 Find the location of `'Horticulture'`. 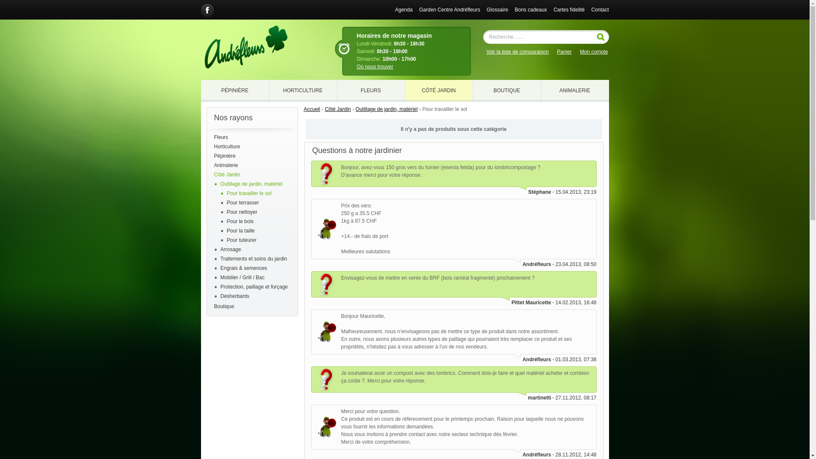

'Horticulture' is located at coordinates (252, 146).